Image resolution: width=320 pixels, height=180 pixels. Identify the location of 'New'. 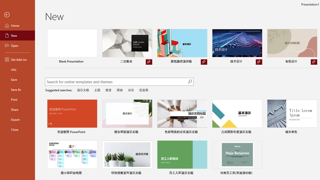
(17, 35).